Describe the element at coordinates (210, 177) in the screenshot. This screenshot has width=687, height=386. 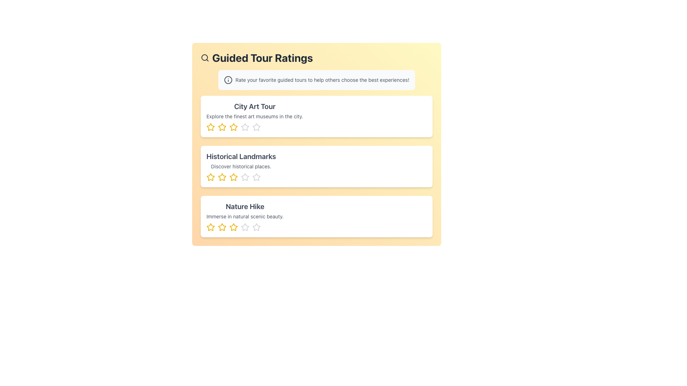
I see `the first star in the second row of the rating stars section under the 'Historical Landmarks' category` at that location.